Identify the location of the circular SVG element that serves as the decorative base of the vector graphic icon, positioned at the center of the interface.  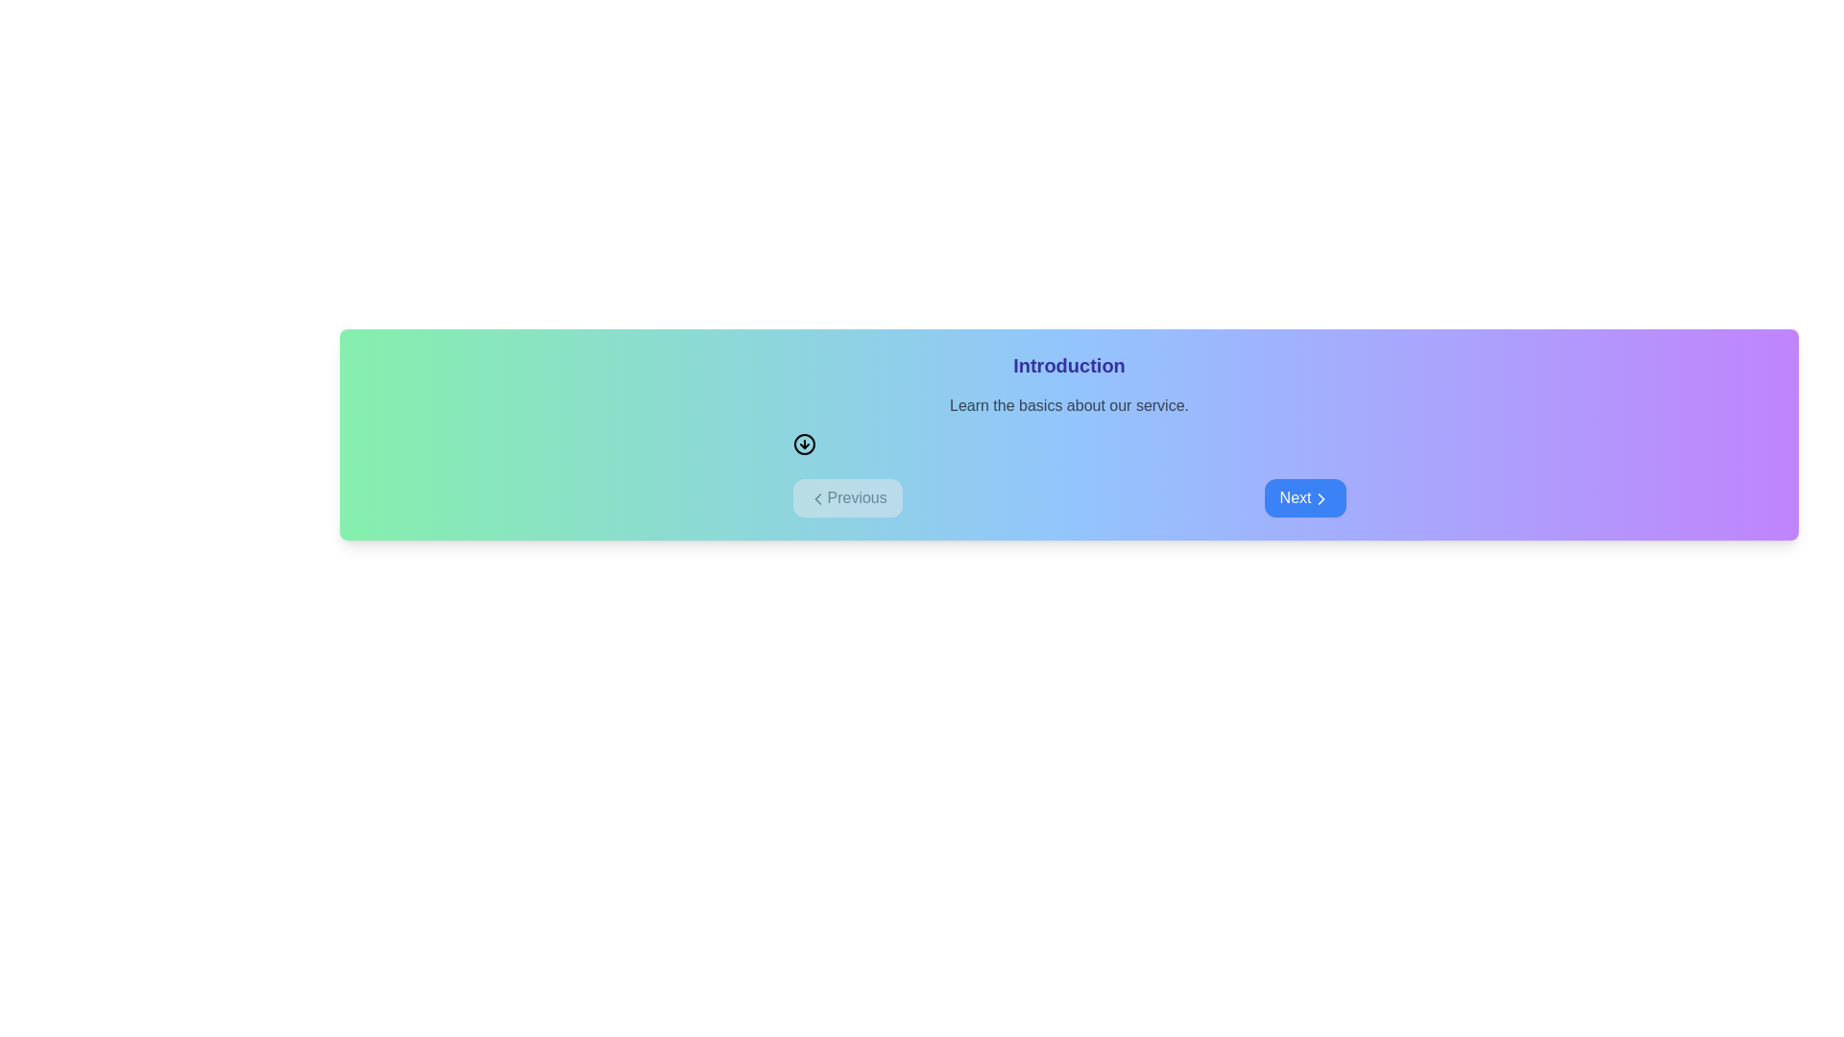
(804, 444).